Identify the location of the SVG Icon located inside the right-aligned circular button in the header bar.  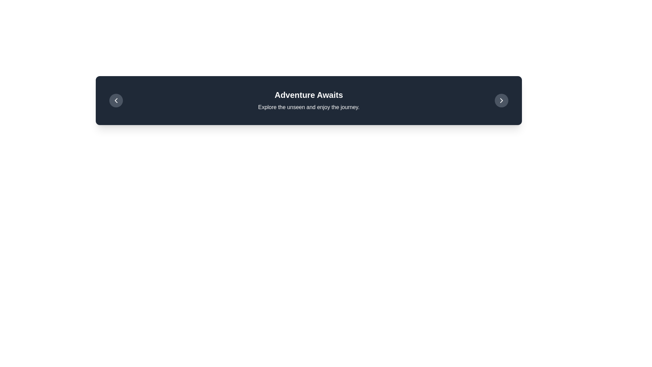
(502, 101).